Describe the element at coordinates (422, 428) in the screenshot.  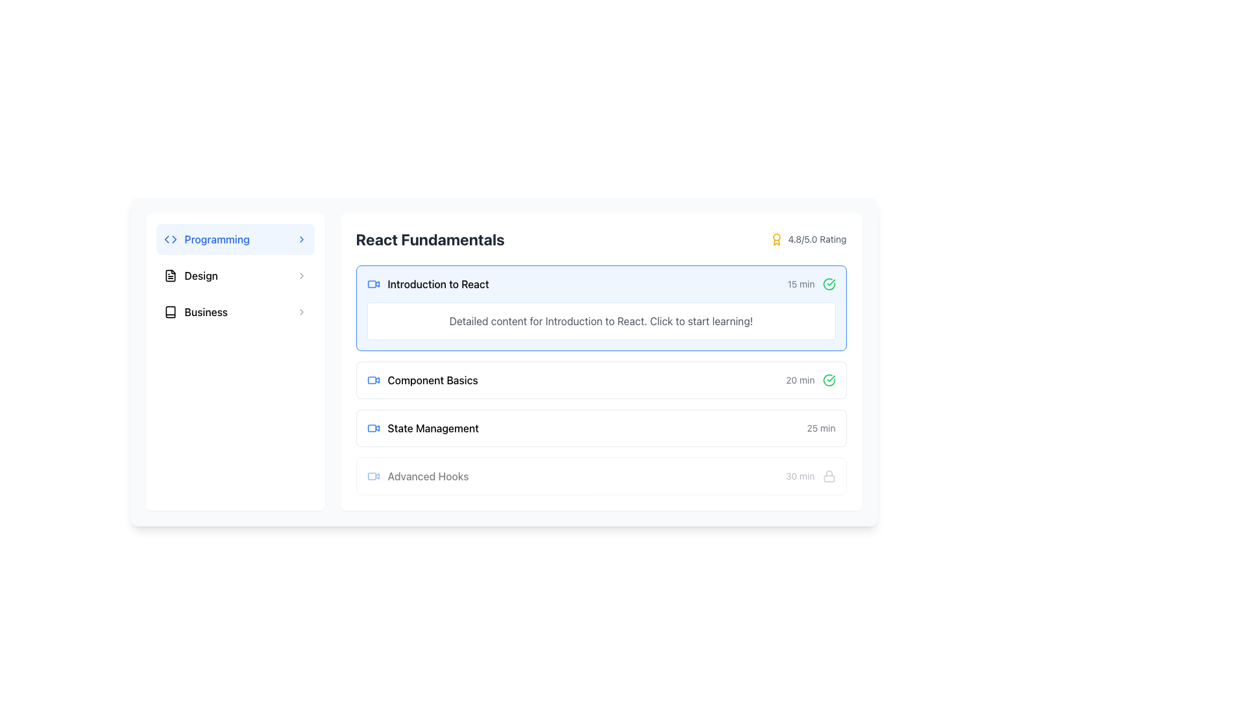
I see `the label with icon that serves as a title for a learning topic, positioned as the third item under 'React Fundamentals' to interact with it` at that location.